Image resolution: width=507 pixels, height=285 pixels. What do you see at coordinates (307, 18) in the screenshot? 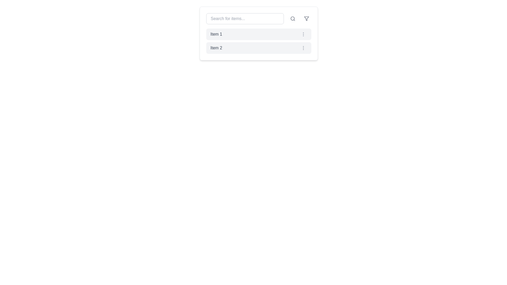
I see `the triangular filter icon located in the top-right corner adjacent to the search bar` at bounding box center [307, 18].